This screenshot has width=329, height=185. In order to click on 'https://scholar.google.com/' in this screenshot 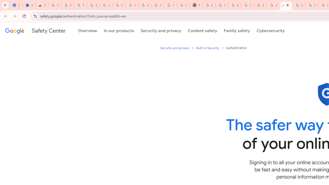, I will do `click(209, 5)`.